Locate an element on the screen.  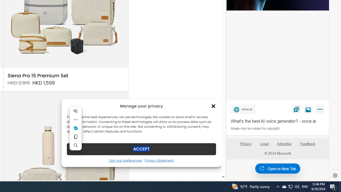
'More actions' is located at coordinates (75, 119).